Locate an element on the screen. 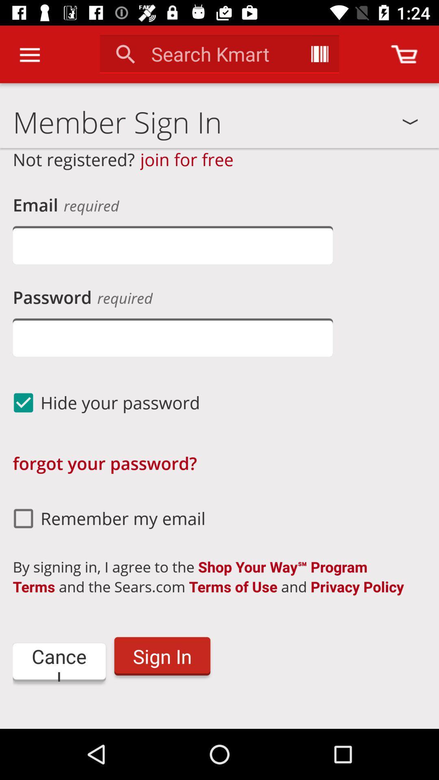 This screenshot has height=780, width=439. by signing in is located at coordinates (215, 576).